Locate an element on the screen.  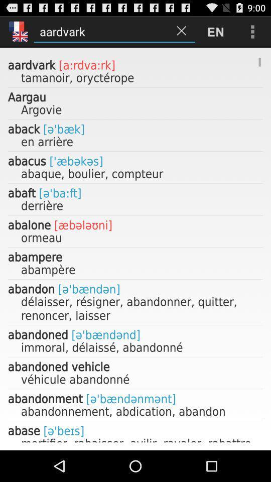
the three dots button on the top right corner of the web page is located at coordinates (252, 32).